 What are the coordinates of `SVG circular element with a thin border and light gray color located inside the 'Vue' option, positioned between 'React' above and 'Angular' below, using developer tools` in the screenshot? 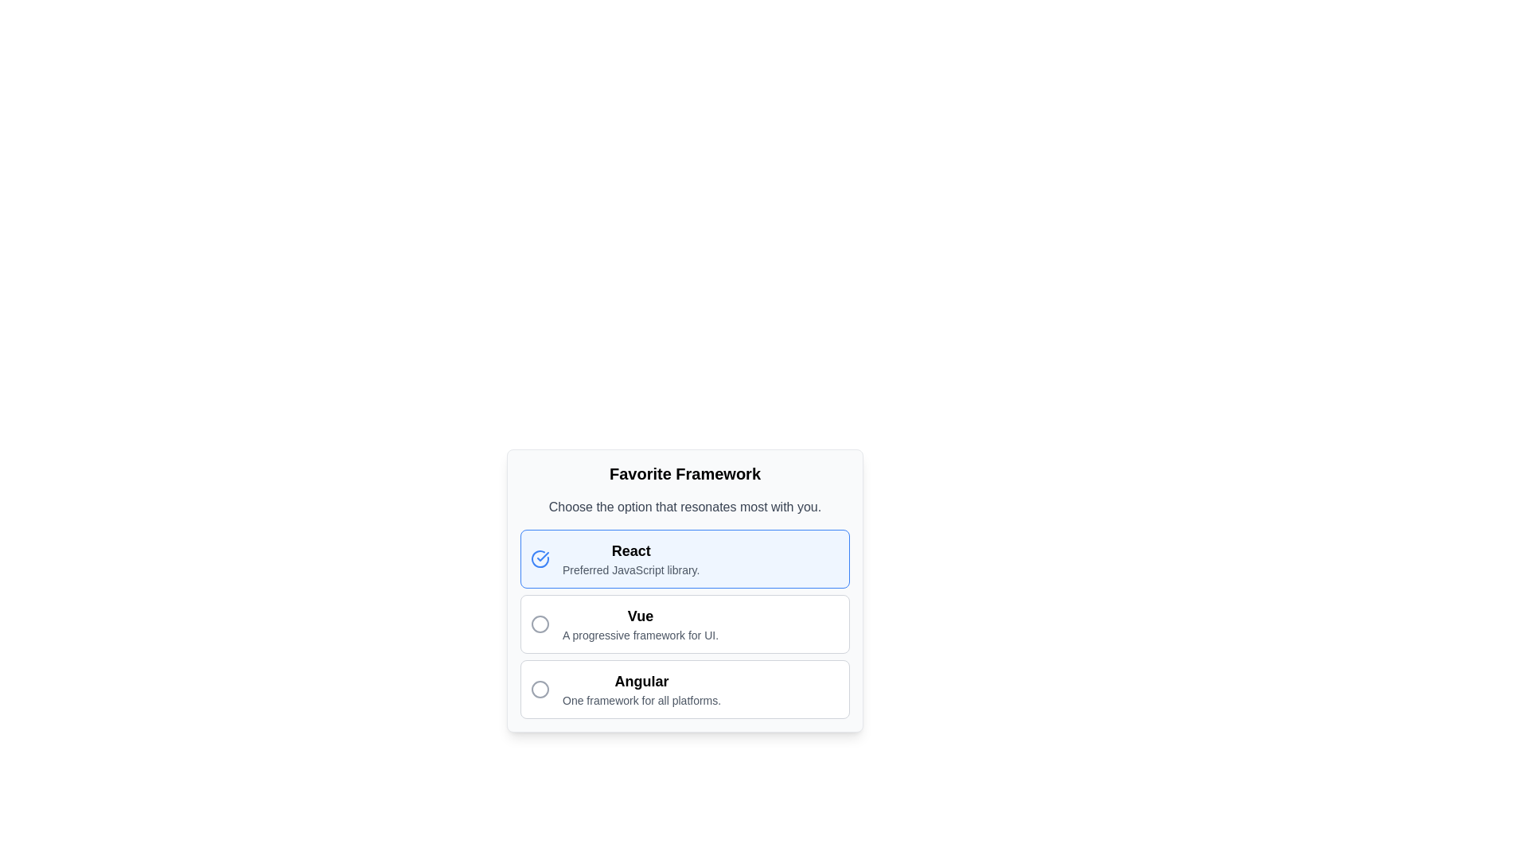 It's located at (540, 624).